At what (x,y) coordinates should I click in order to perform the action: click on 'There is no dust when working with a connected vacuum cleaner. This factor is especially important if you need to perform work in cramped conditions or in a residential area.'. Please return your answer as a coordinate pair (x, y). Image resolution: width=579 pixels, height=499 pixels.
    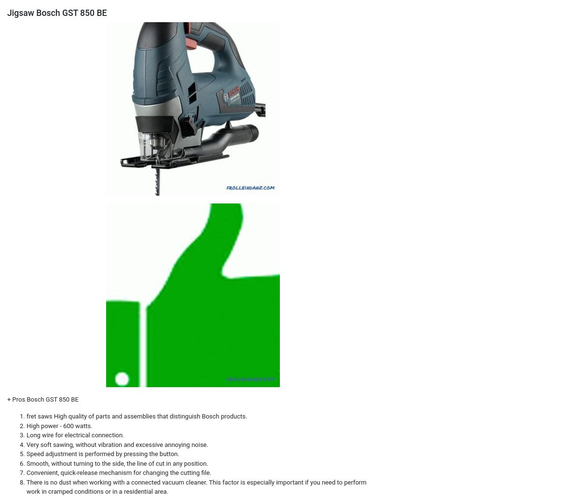
    Looking at the image, I should click on (196, 486).